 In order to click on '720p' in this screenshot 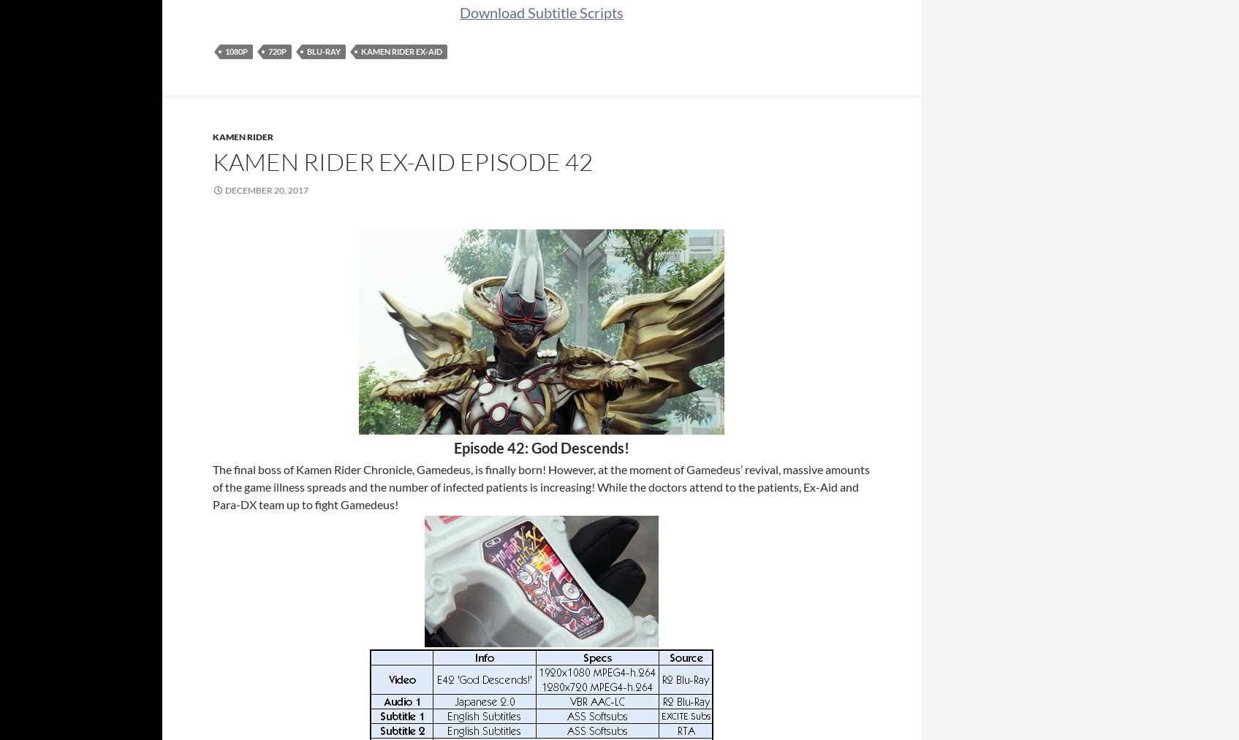, I will do `click(276, 50)`.